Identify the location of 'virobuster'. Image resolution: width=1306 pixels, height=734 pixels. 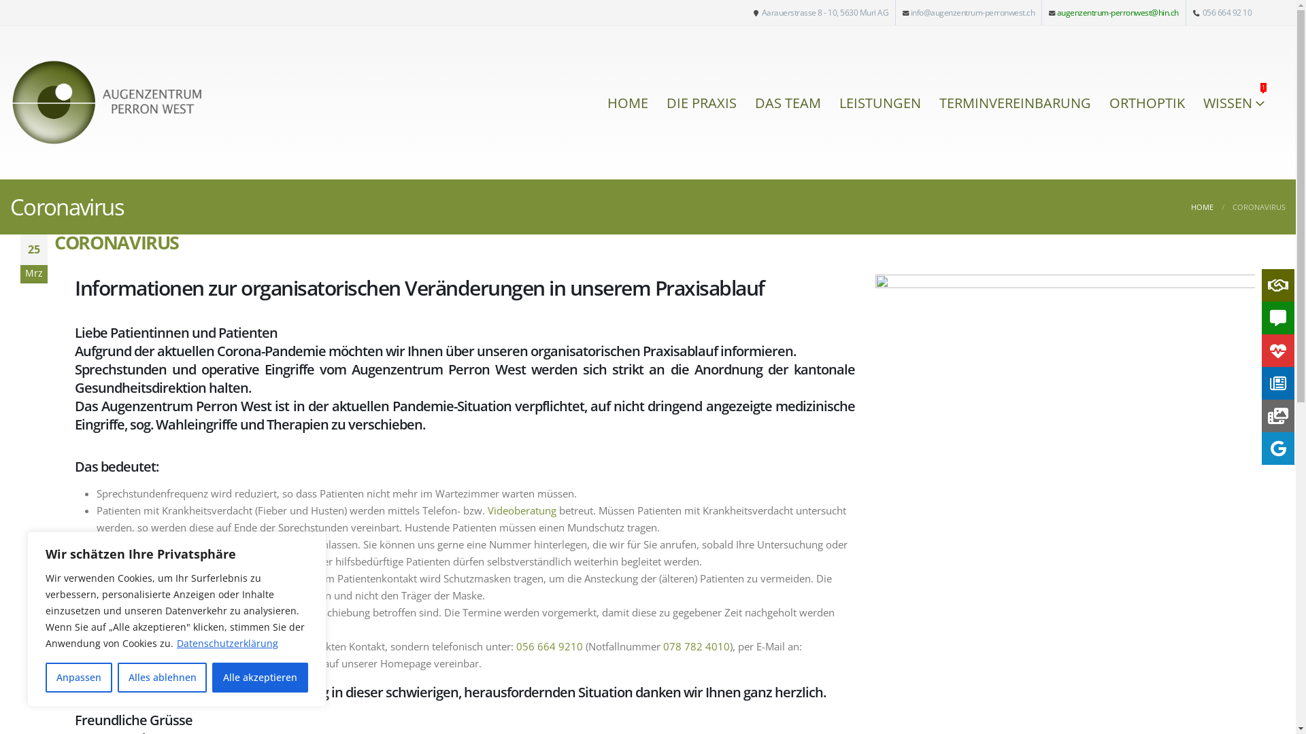
(1064, 353).